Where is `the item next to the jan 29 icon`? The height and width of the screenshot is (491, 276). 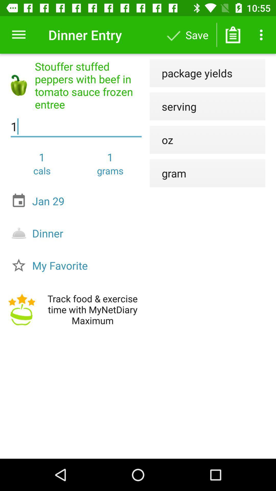
the item next to the jan 29 icon is located at coordinates (168, 173).